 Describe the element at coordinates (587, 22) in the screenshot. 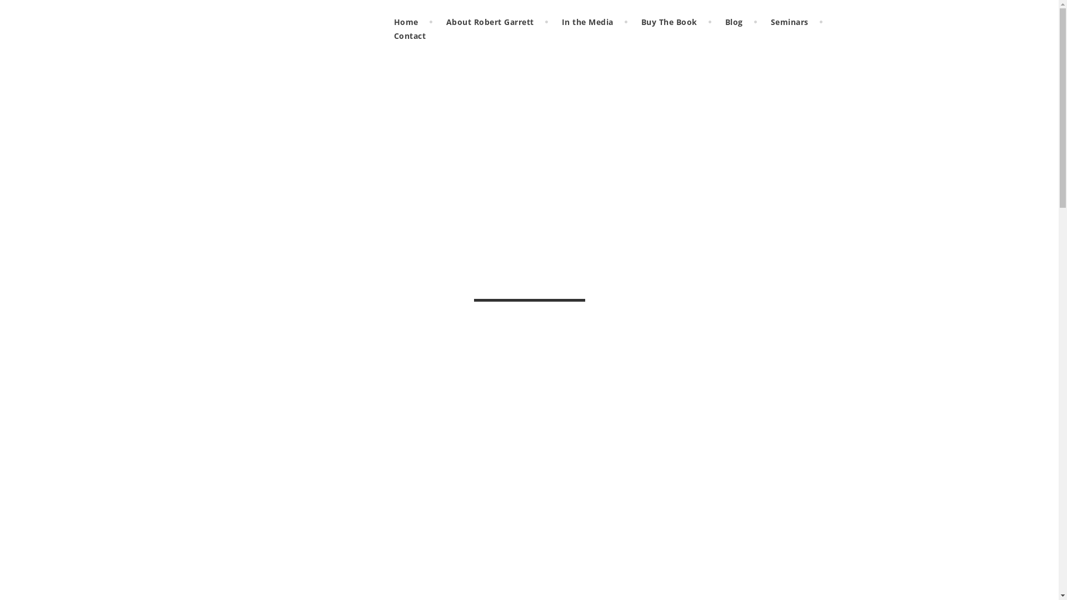

I see `'In the Media'` at that location.